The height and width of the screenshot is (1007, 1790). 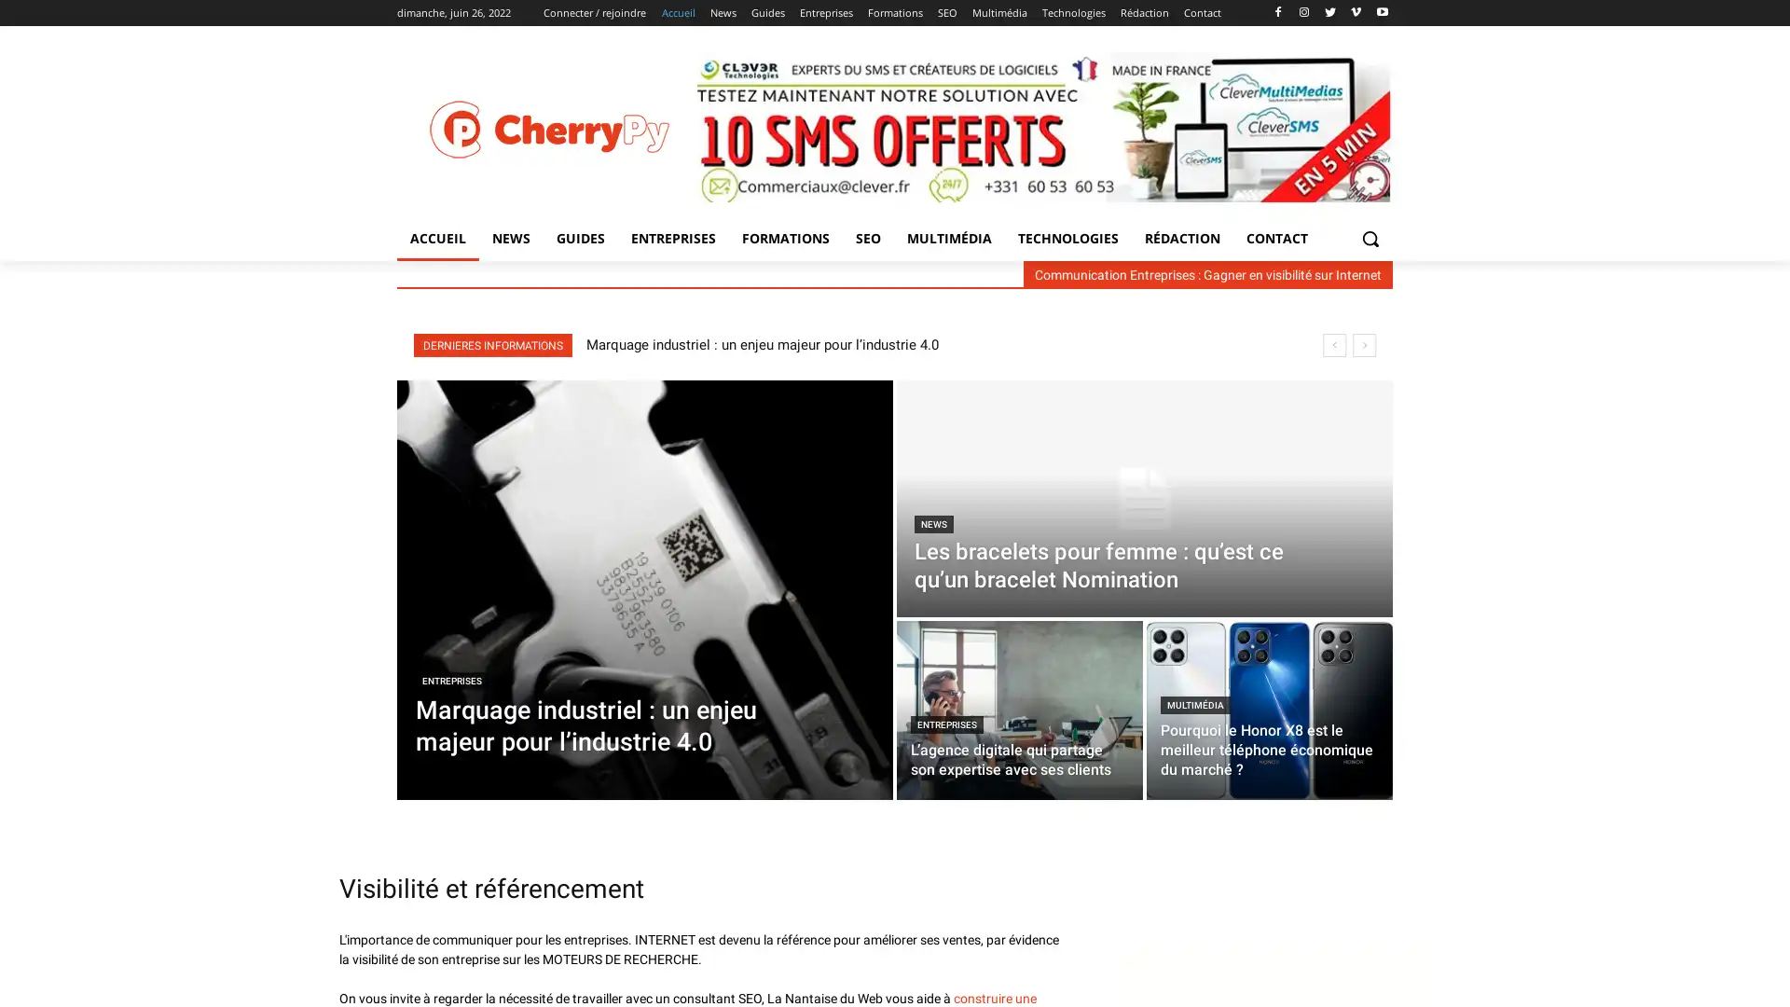 I want to click on Search, so click(x=1370, y=237).